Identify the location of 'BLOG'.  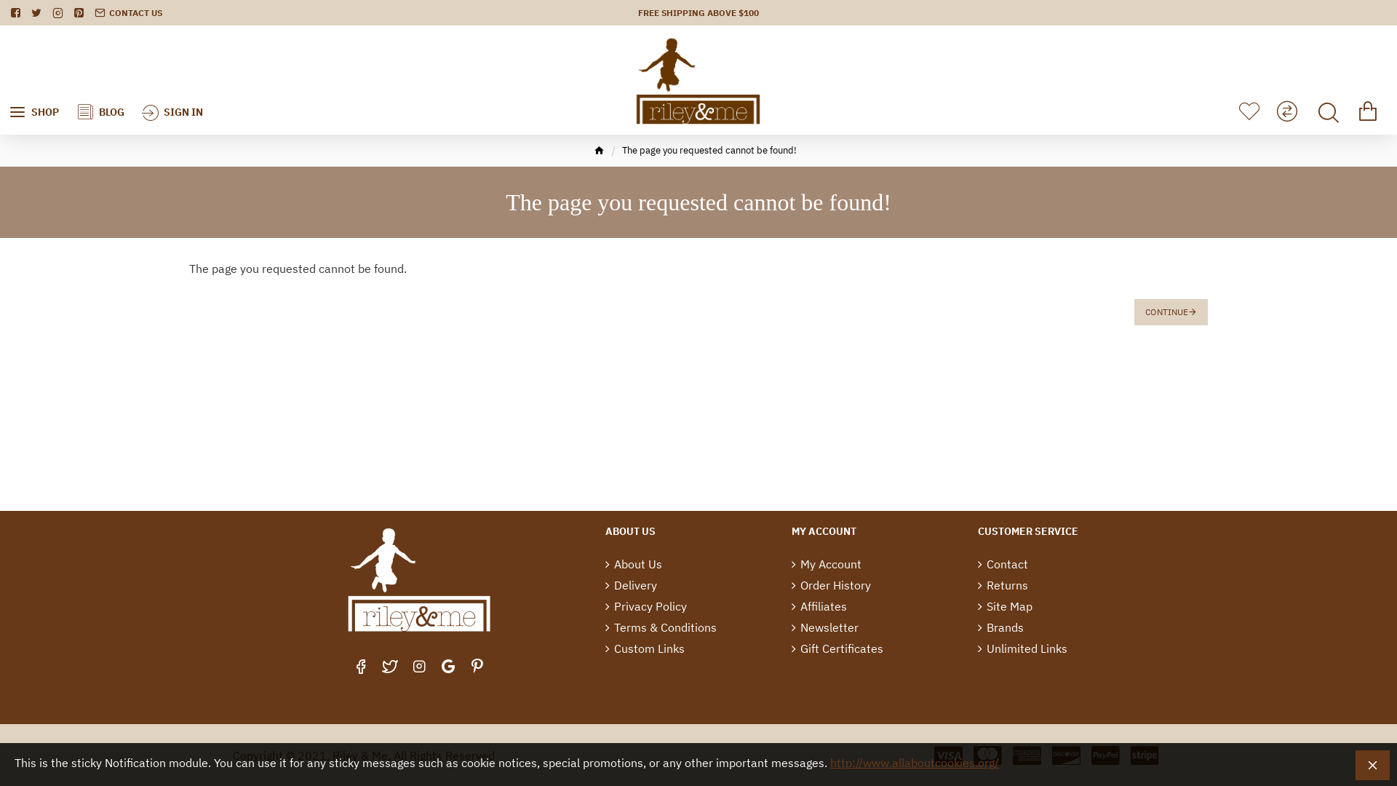
(66, 80).